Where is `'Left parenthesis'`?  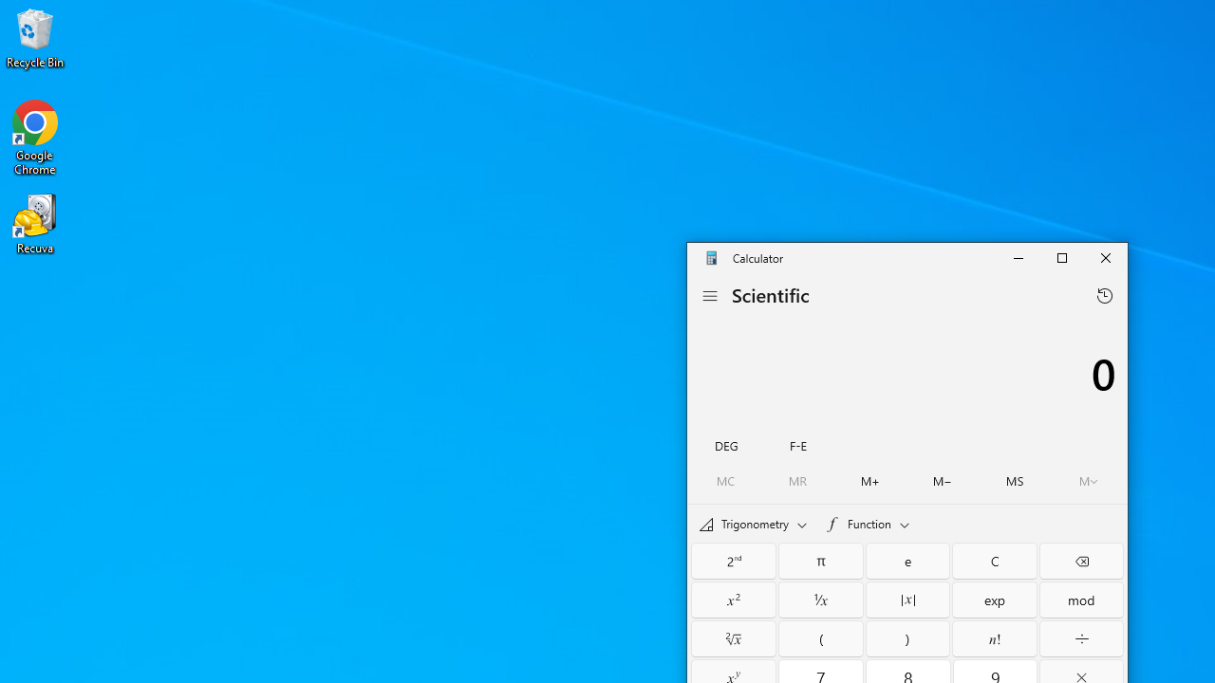
'Left parenthesis' is located at coordinates (821, 638).